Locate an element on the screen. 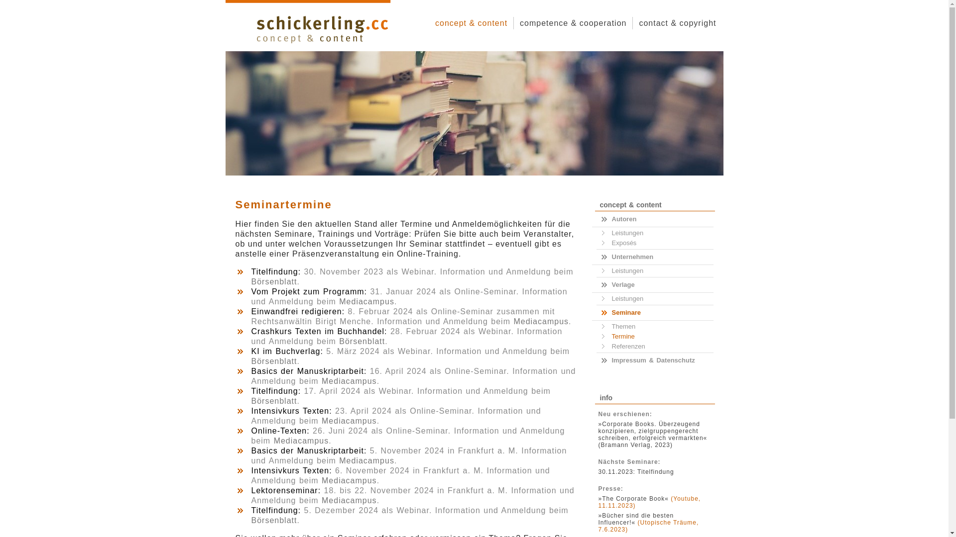 The image size is (956, 537). 'Termine' is located at coordinates (652, 336).